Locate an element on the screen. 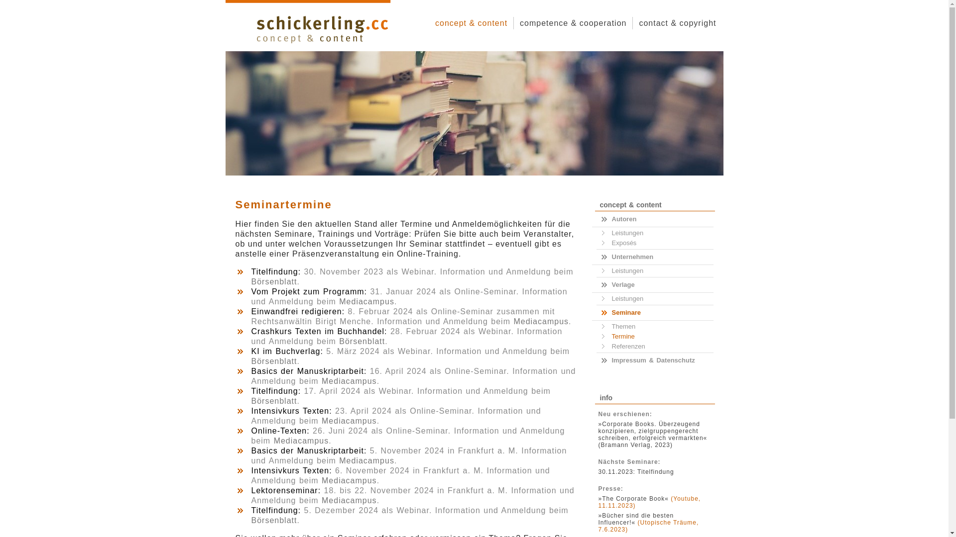 The image size is (956, 537). 'Termine' is located at coordinates (652, 336).